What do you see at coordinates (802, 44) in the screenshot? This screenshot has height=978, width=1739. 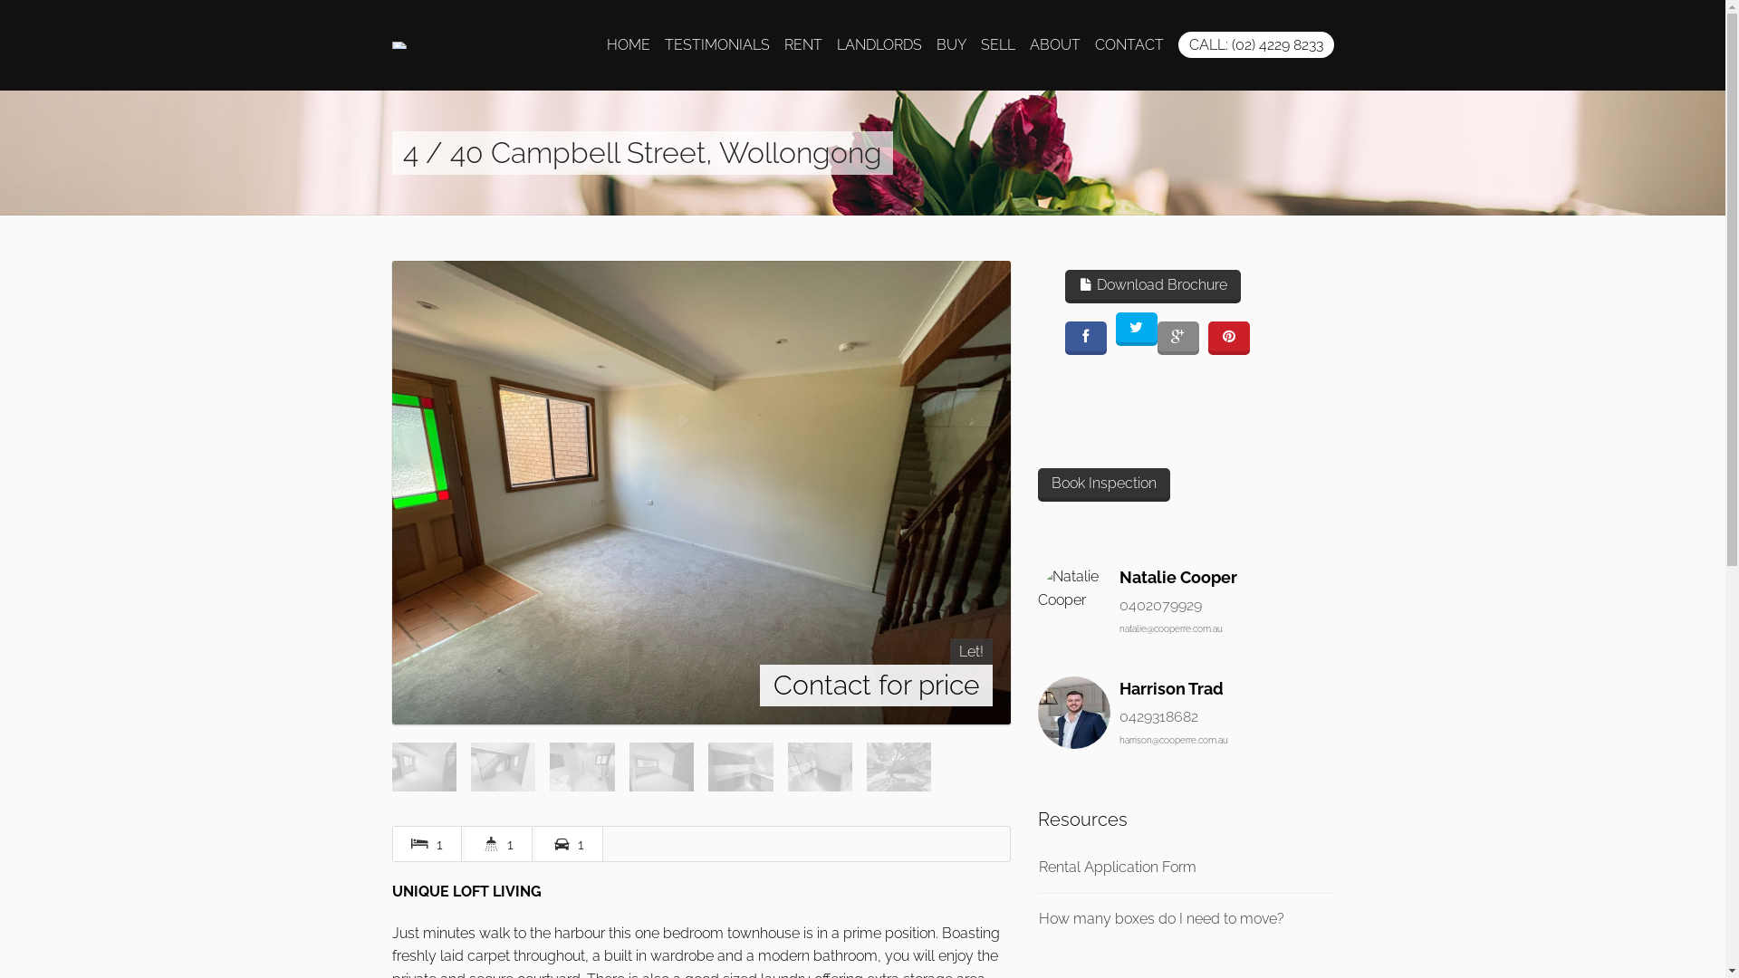 I see `'RENT'` at bounding box center [802, 44].